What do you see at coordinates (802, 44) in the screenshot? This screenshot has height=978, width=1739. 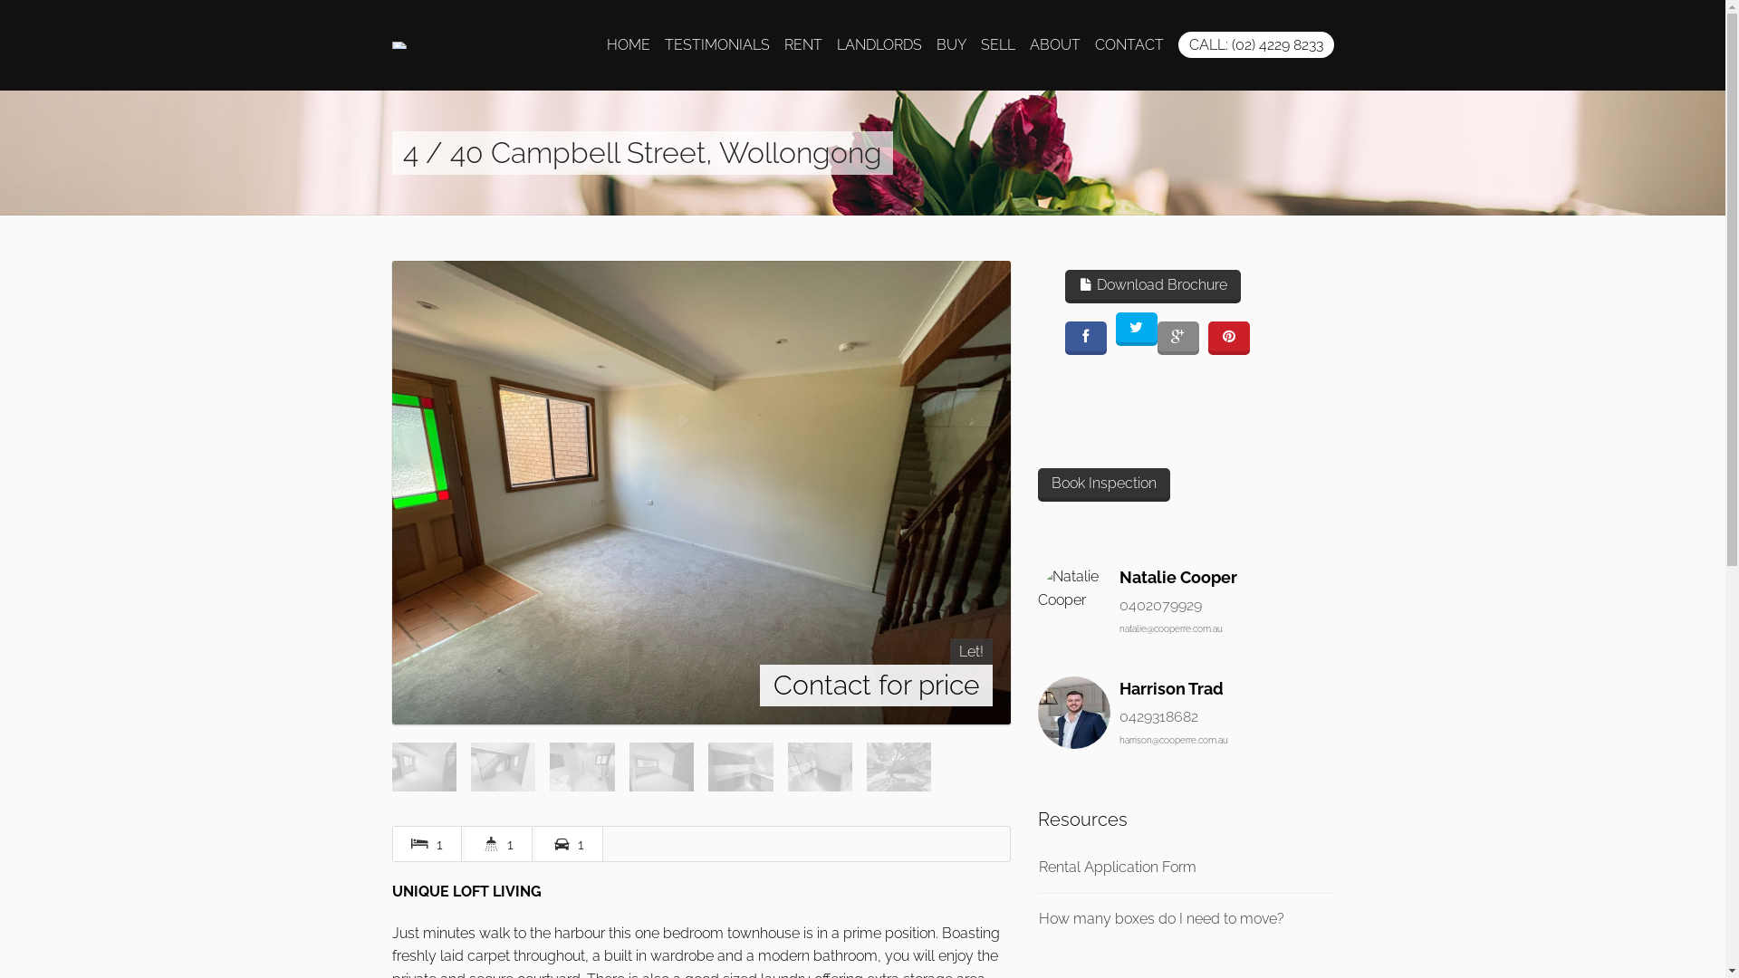 I see `'RENT'` at bounding box center [802, 44].